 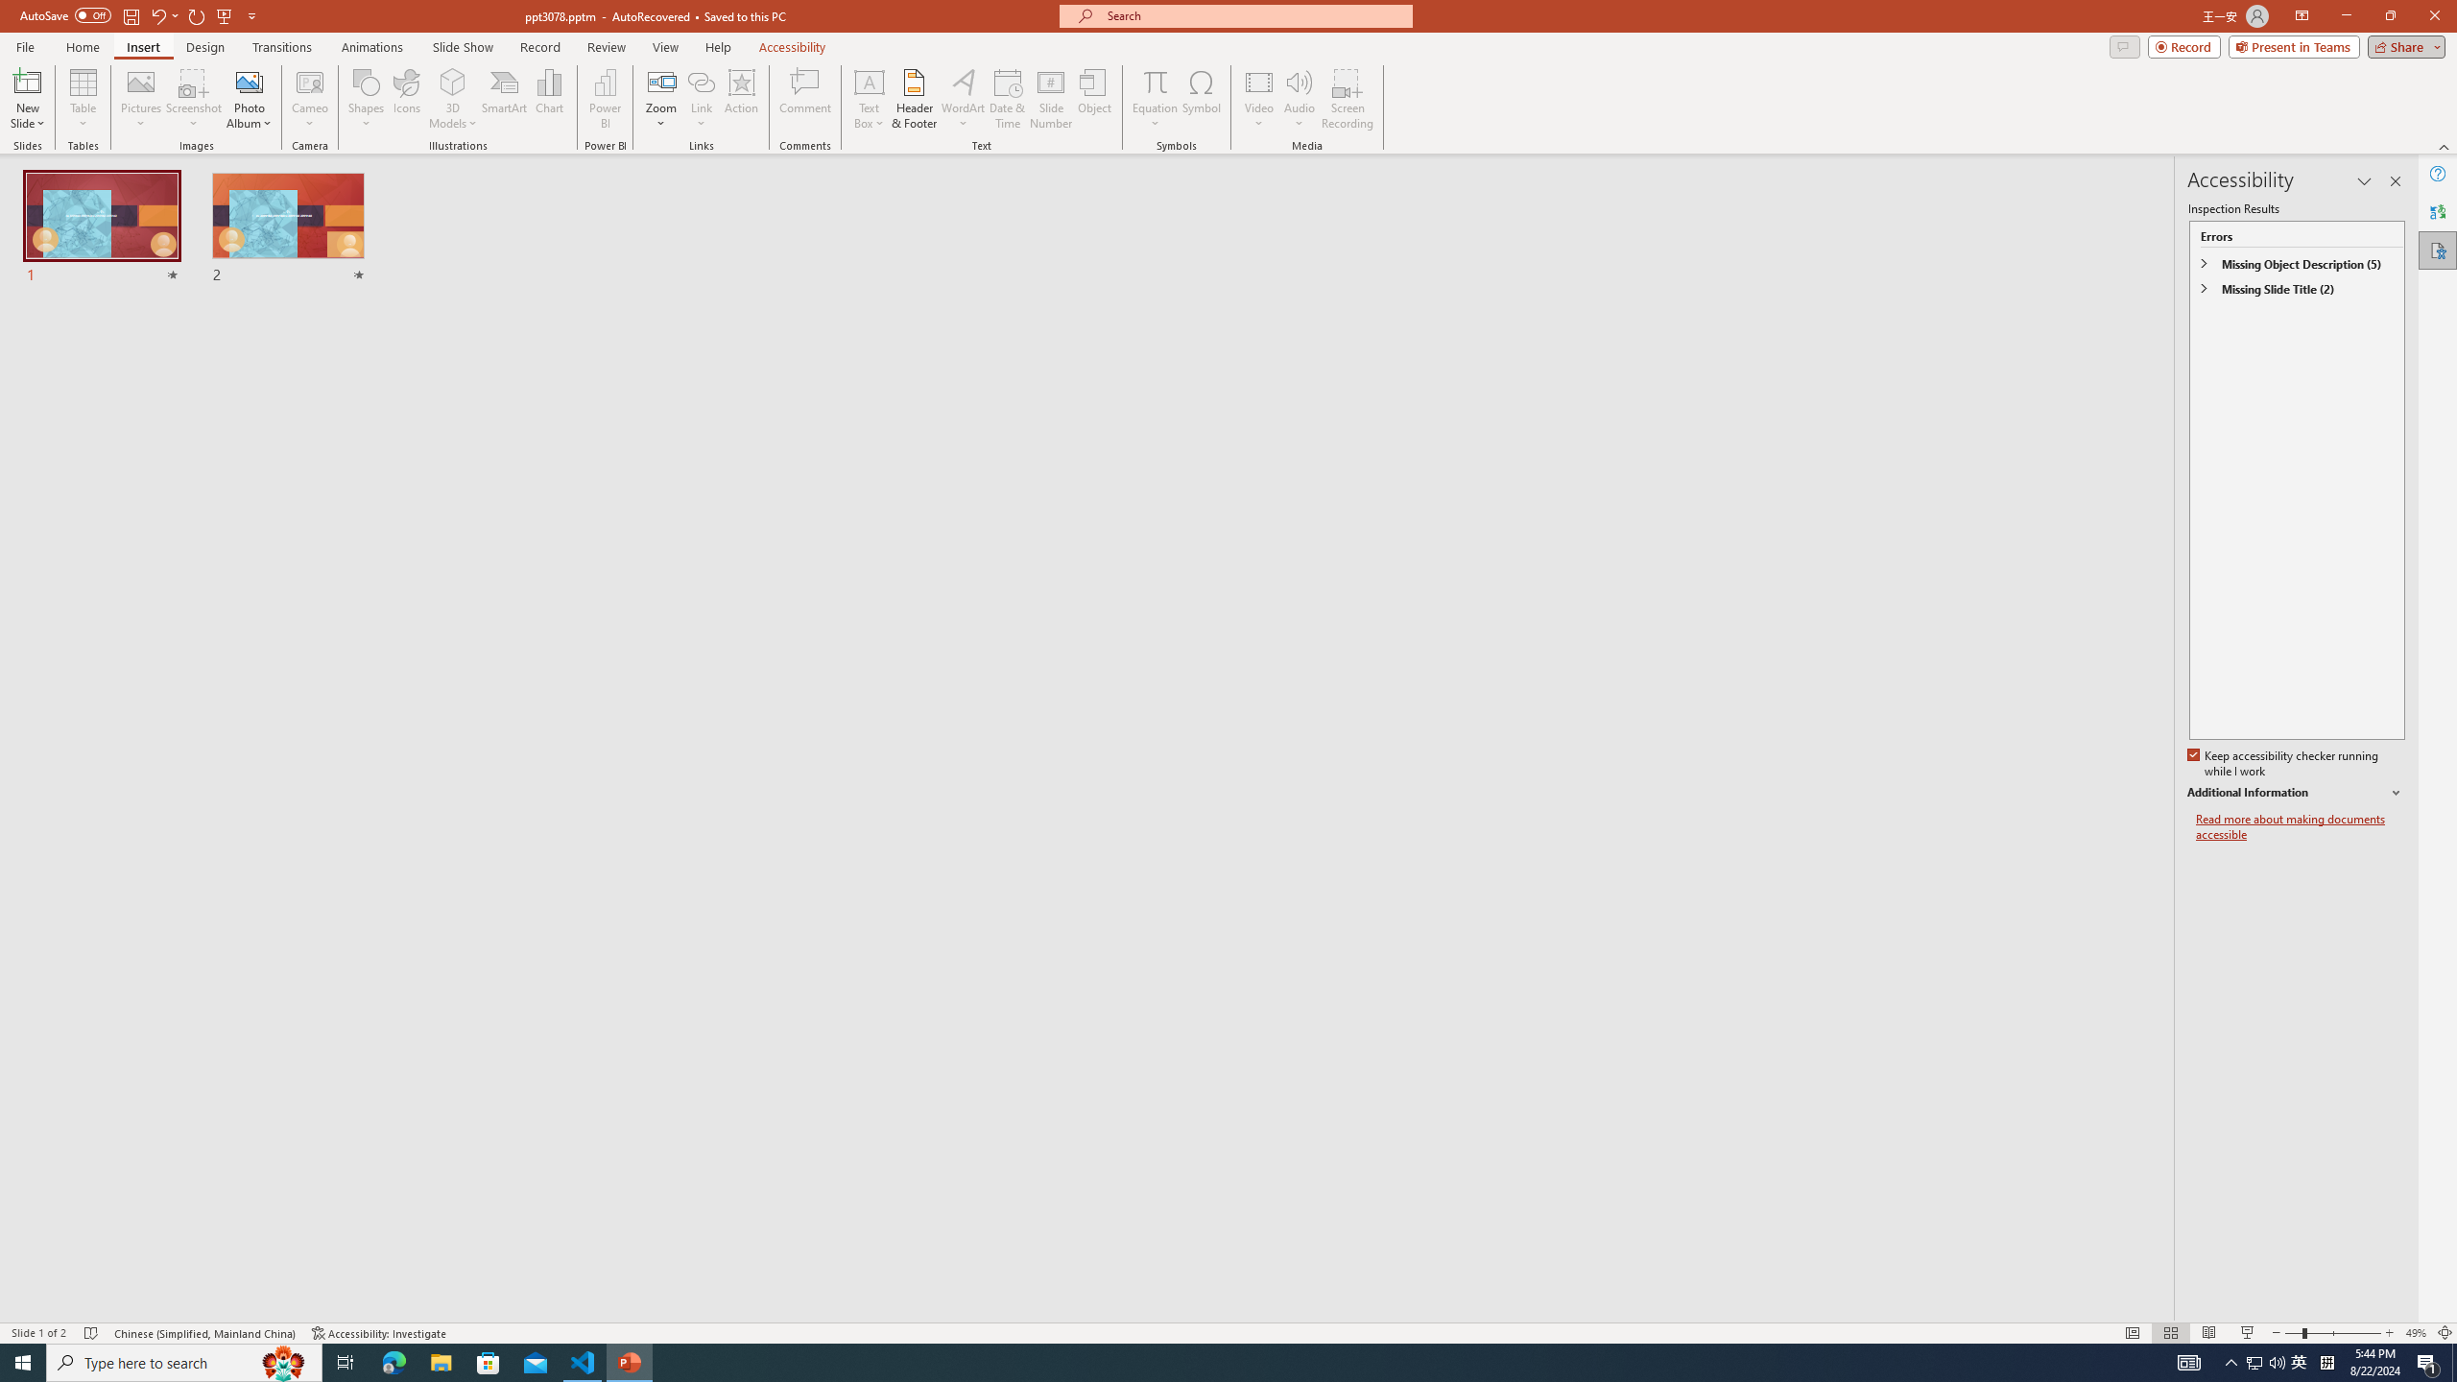 I want to click on 'Draw Horizontal Text Box', so click(x=869, y=81).